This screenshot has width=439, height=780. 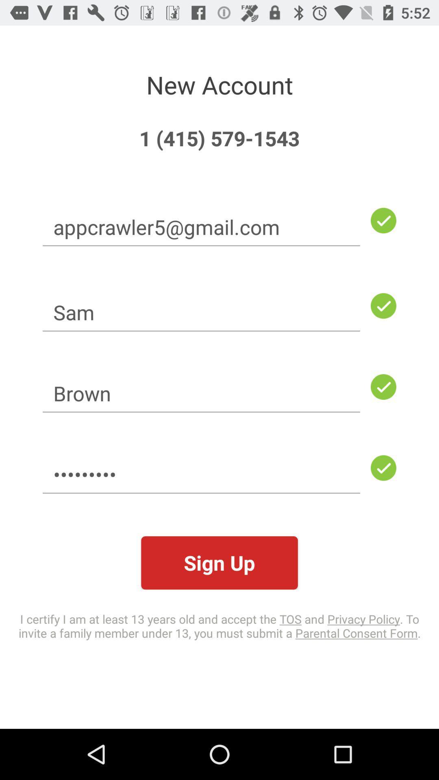 I want to click on appcrawler5@gmail.com icon, so click(x=201, y=227).